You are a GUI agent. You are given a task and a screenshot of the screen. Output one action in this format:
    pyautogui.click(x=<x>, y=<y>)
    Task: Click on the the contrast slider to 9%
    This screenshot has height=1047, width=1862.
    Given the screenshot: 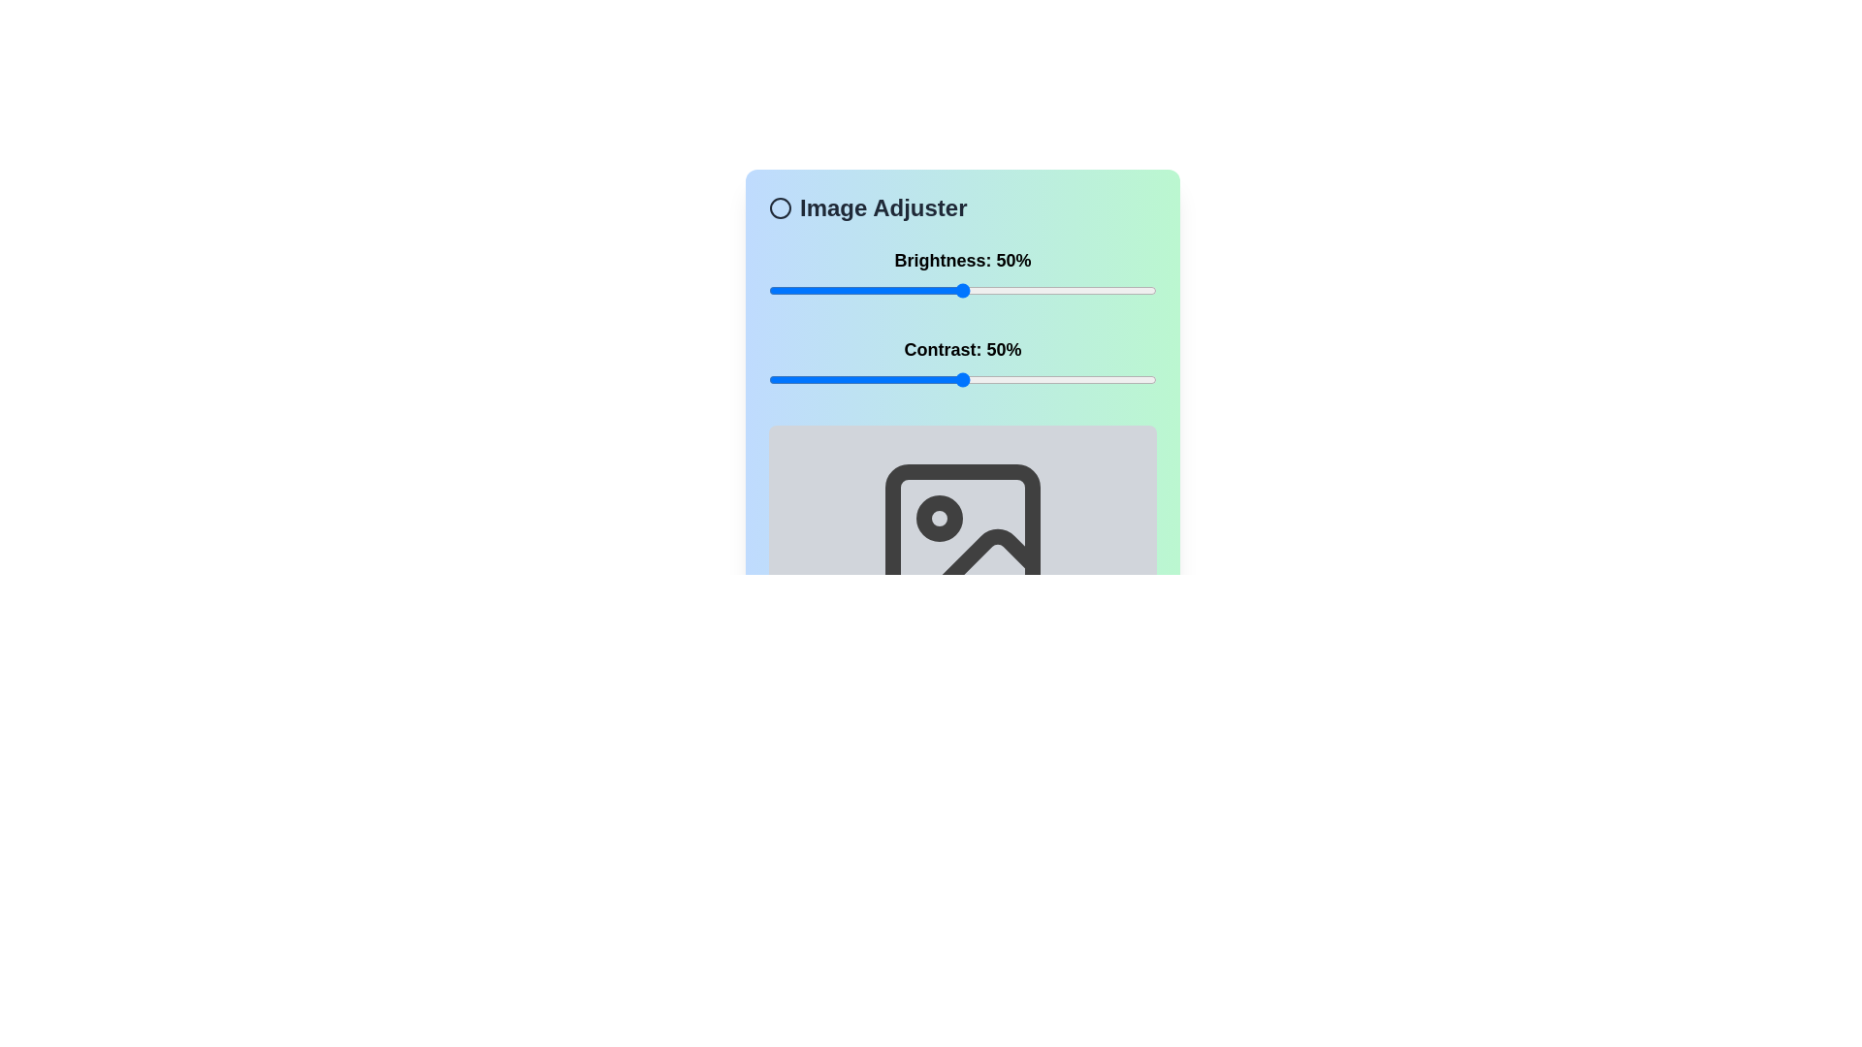 What is the action you would take?
    pyautogui.click(x=804, y=380)
    